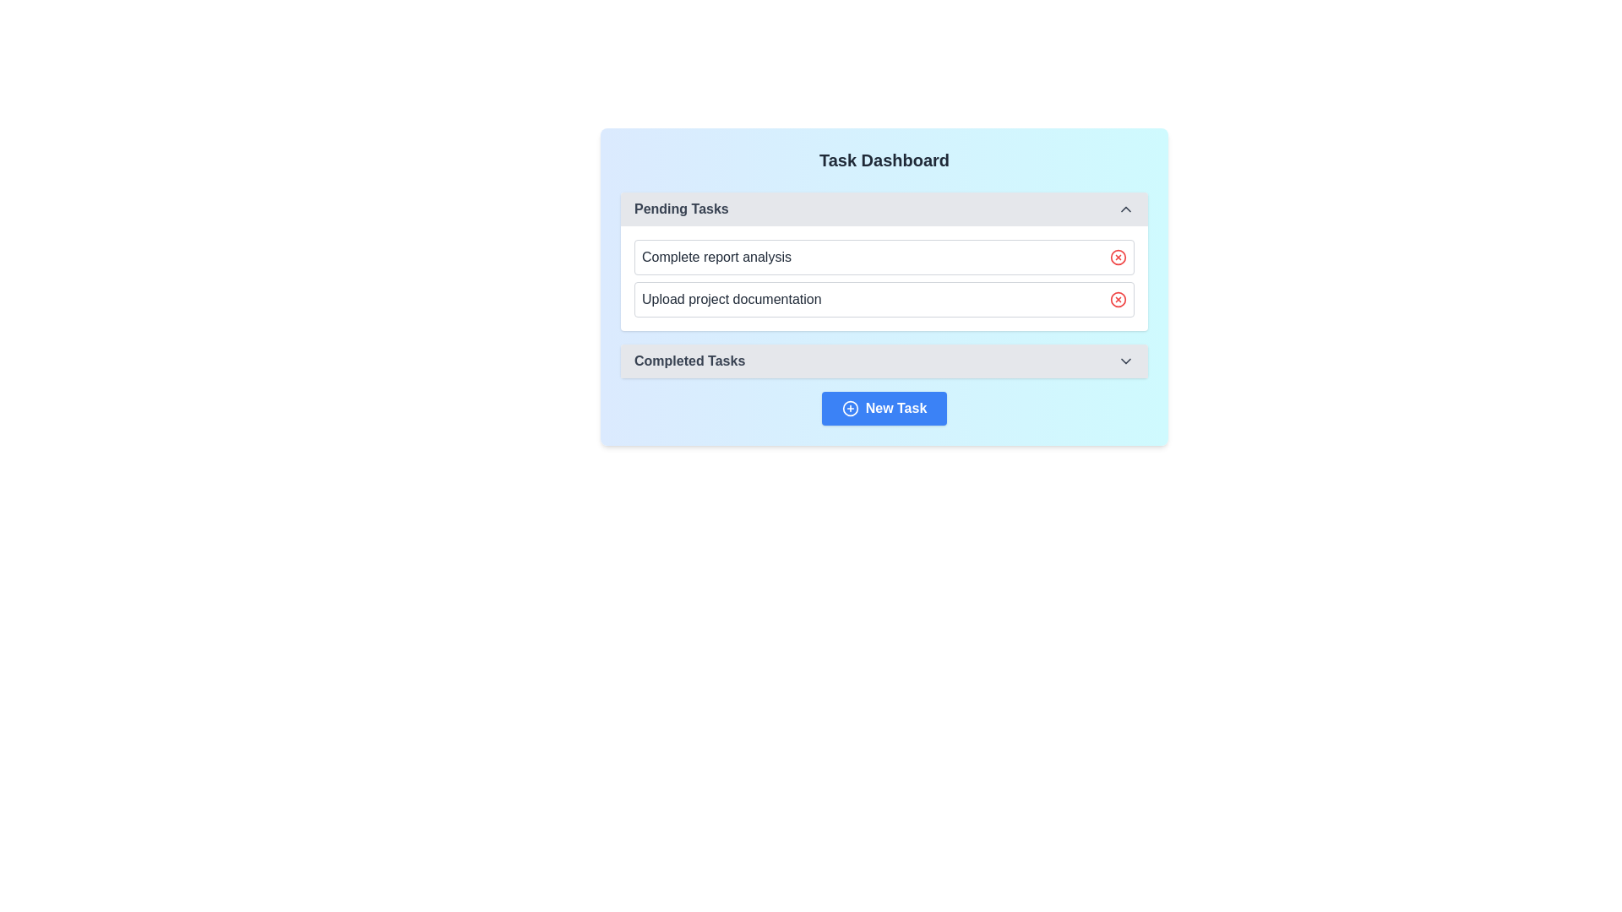 The width and height of the screenshot is (1622, 912). Describe the element at coordinates (732, 298) in the screenshot. I see `the 'Upload project documentation' text label, which is styled with a gray font and located in the second row of the 'Pending Tasks' list, before the red 'X' icon` at that location.